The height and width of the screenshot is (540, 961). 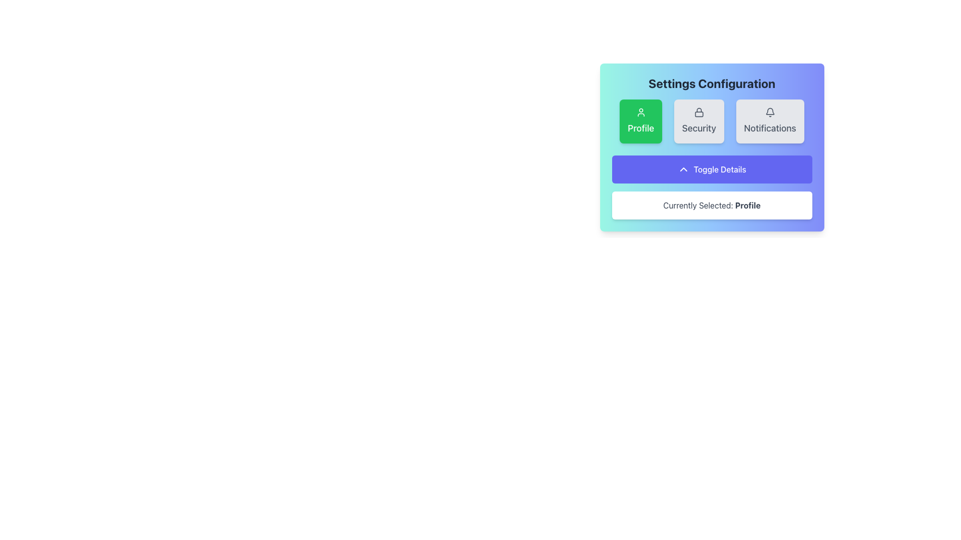 What do you see at coordinates (641, 128) in the screenshot?
I see `the 'Profile' text label located in the clickable green button at the top-left corner of the configuration menu` at bounding box center [641, 128].